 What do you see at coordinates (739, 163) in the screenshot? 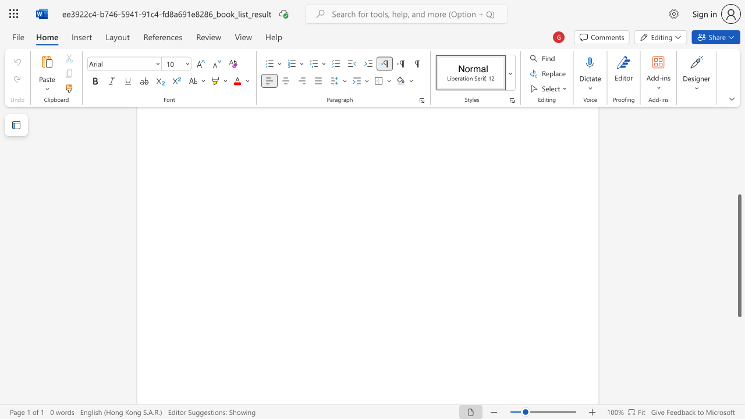
I see `the scrollbar to scroll the page up` at bounding box center [739, 163].